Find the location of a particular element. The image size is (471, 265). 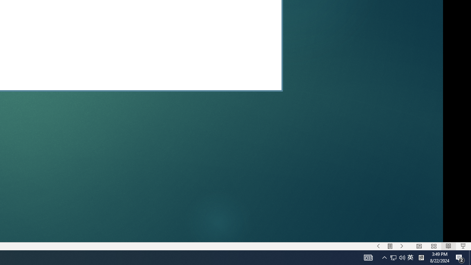

'Slide Show Next On' is located at coordinates (401, 246).